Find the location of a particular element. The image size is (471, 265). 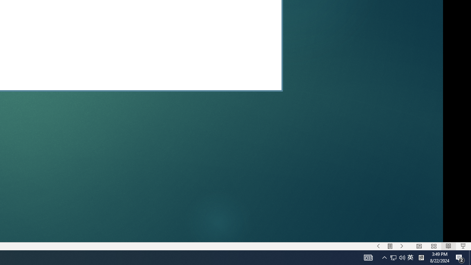

'Slide Show Next On' is located at coordinates (401, 246).